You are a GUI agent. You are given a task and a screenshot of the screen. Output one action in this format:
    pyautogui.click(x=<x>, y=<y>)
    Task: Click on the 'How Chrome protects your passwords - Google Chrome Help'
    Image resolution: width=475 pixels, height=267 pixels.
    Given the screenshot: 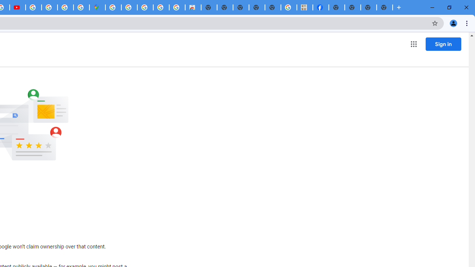 What is the action you would take?
    pyautogui.click(x=33, y=7)
    